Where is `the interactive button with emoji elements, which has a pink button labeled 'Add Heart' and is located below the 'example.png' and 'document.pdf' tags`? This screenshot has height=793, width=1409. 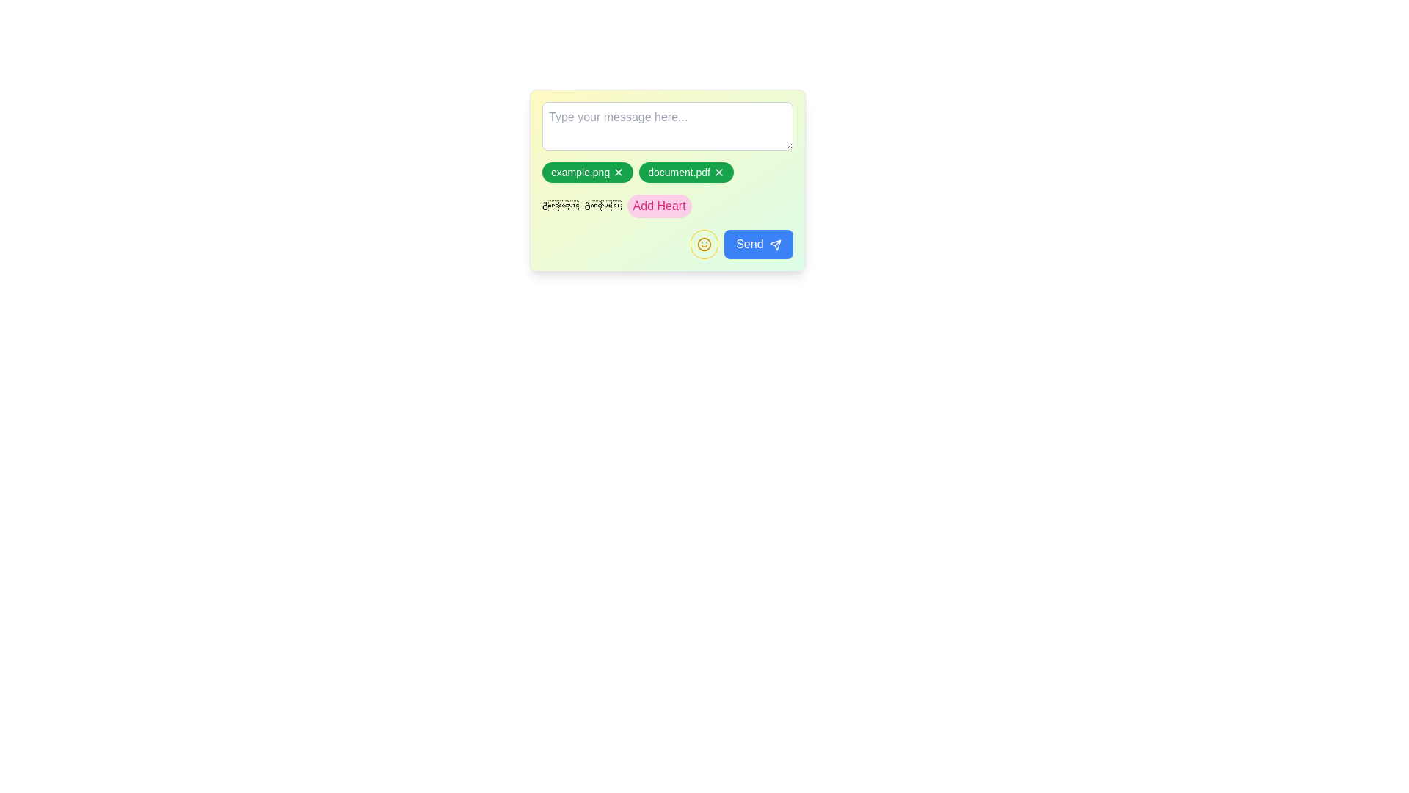
the interactive button with emoji elements, which has a pink button labeled 'Add Heart' and is located below the 'example.png' and 'document.pdf' tags is located at coordinates (667, 206).